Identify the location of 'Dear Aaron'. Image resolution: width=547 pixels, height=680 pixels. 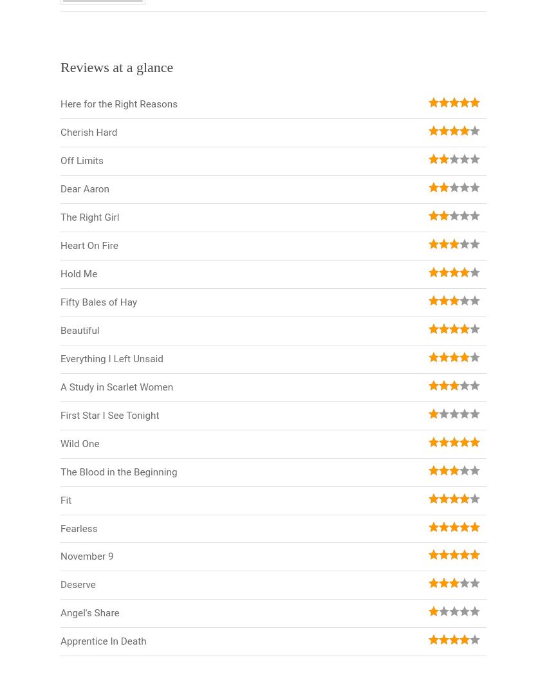
(84, 188).